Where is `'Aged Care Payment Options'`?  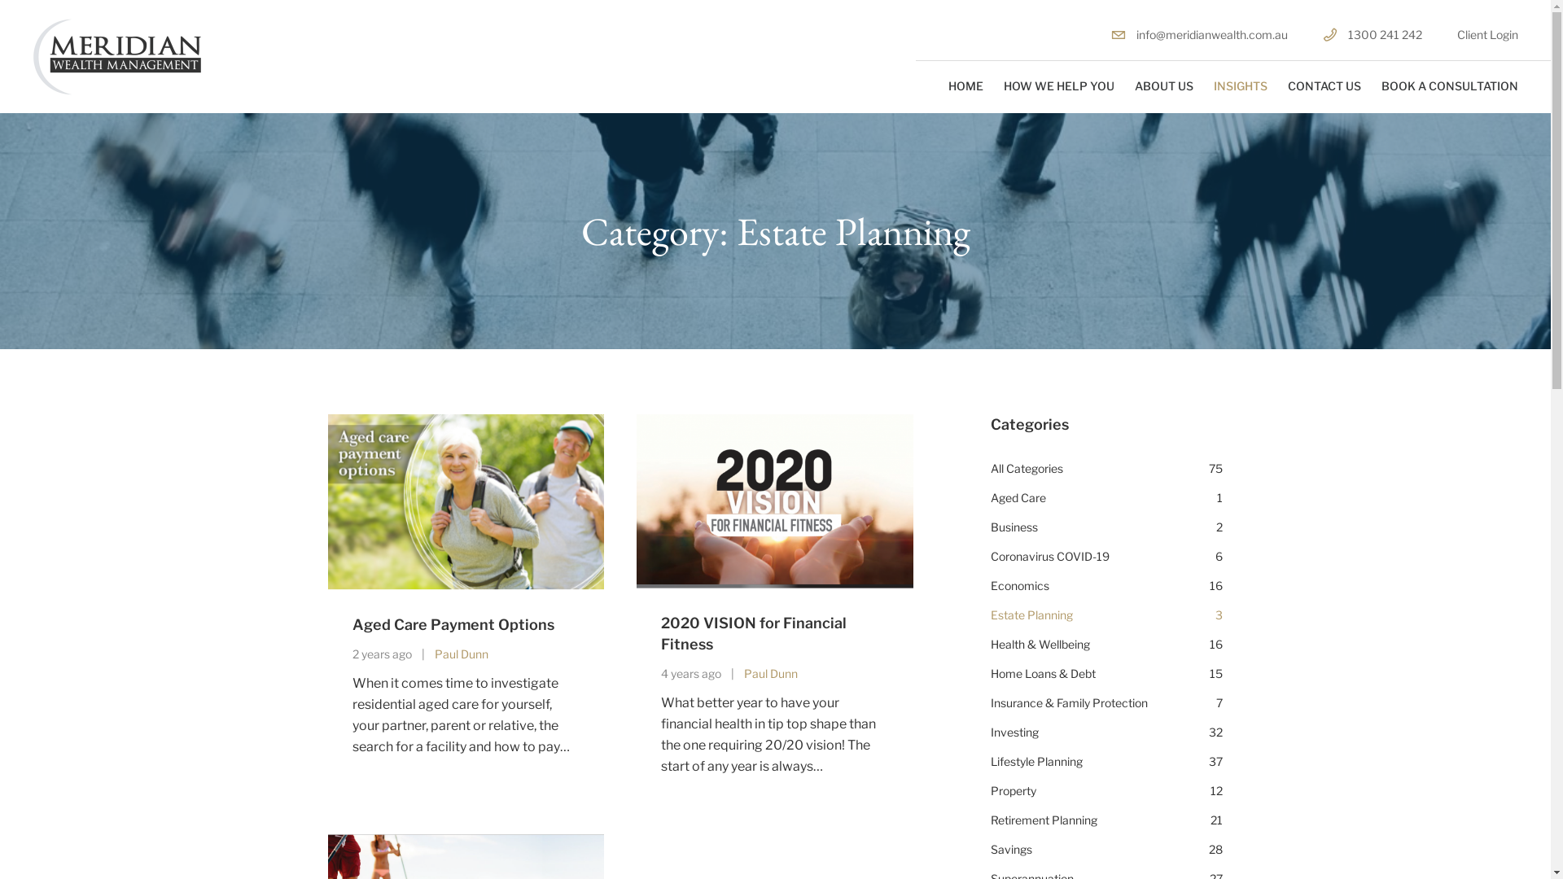
'Aged Care Payment Options' is located at coordinates (453, 623).